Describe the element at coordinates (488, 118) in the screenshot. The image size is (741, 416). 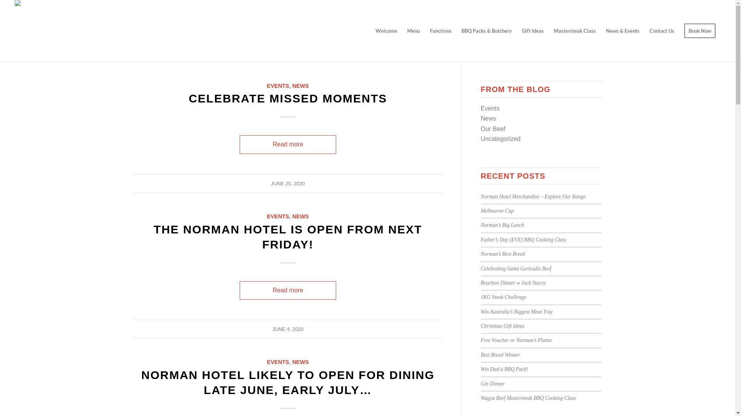
I see `'News'` at that location.